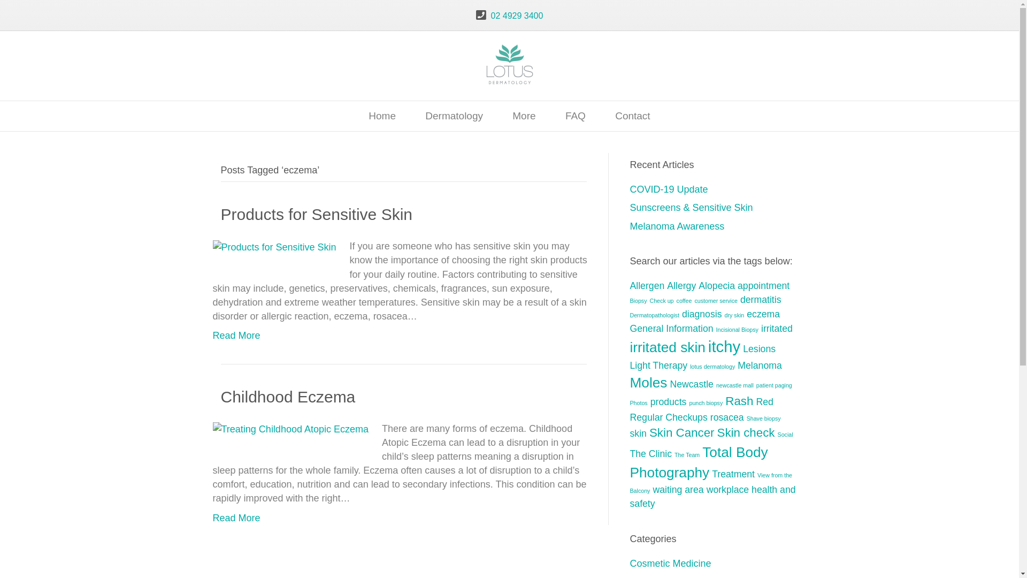 The image size is (1027, 578). What do you see at coordinates (630, 402) in the screenshot?
I see `'Photos'` at bounding box center [630, 402].